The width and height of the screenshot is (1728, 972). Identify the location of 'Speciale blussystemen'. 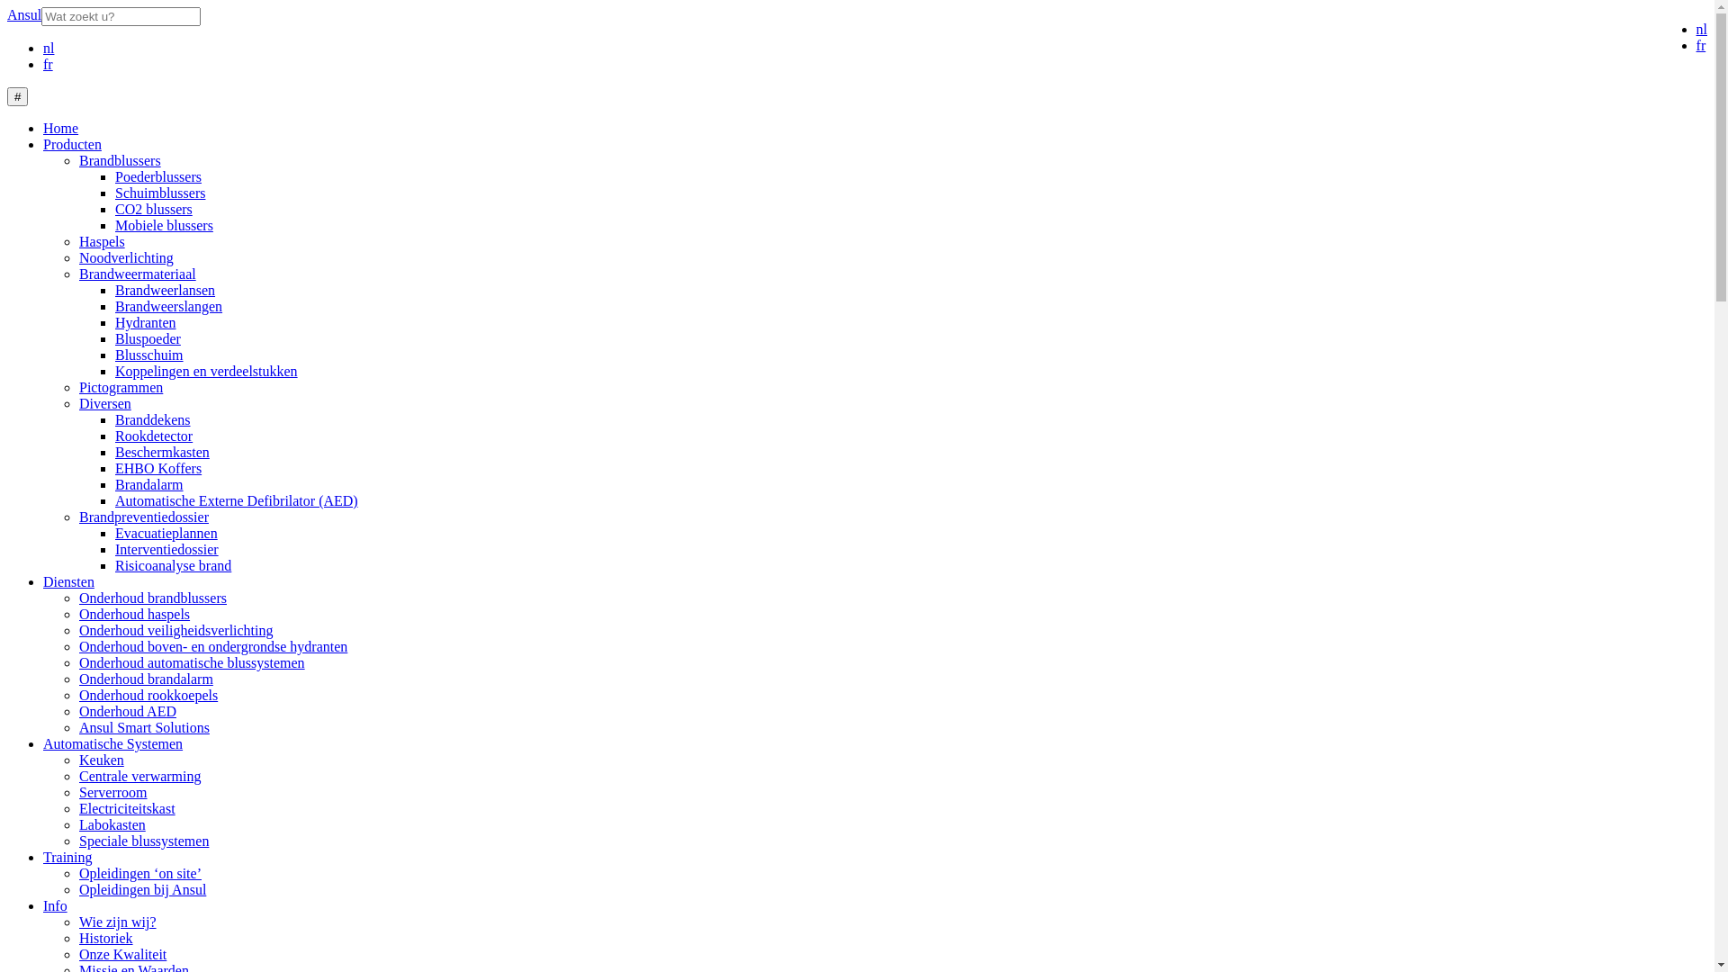
(142, 841).